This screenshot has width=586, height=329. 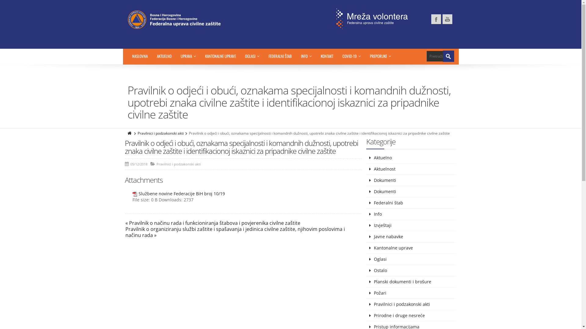 What do you see at coordinates (160, 133) in the screenshot?
I see `'Pravilnici i podzakonski akti'` at bounding box center [160, 133].